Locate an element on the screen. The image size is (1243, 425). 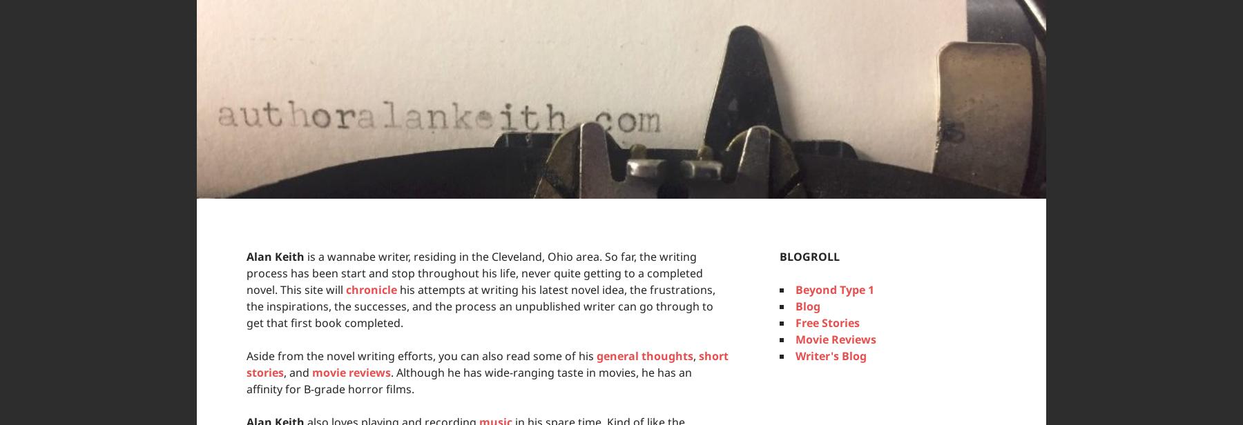
'Free Stories' is located at coordinates (827, 322).